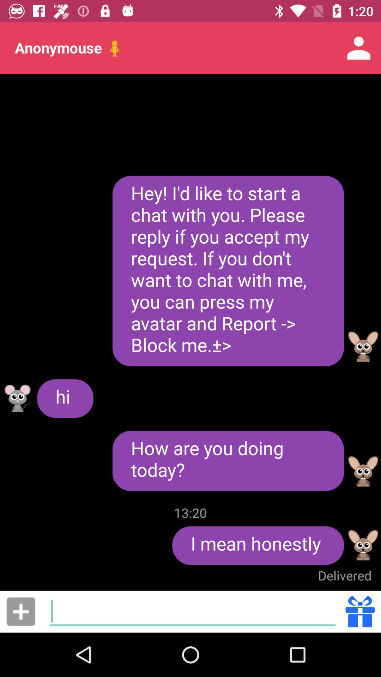  What do you see at coordinates (363, 545) in the screenshot?
I see `profile avatar` at bounding box center [363, 545].